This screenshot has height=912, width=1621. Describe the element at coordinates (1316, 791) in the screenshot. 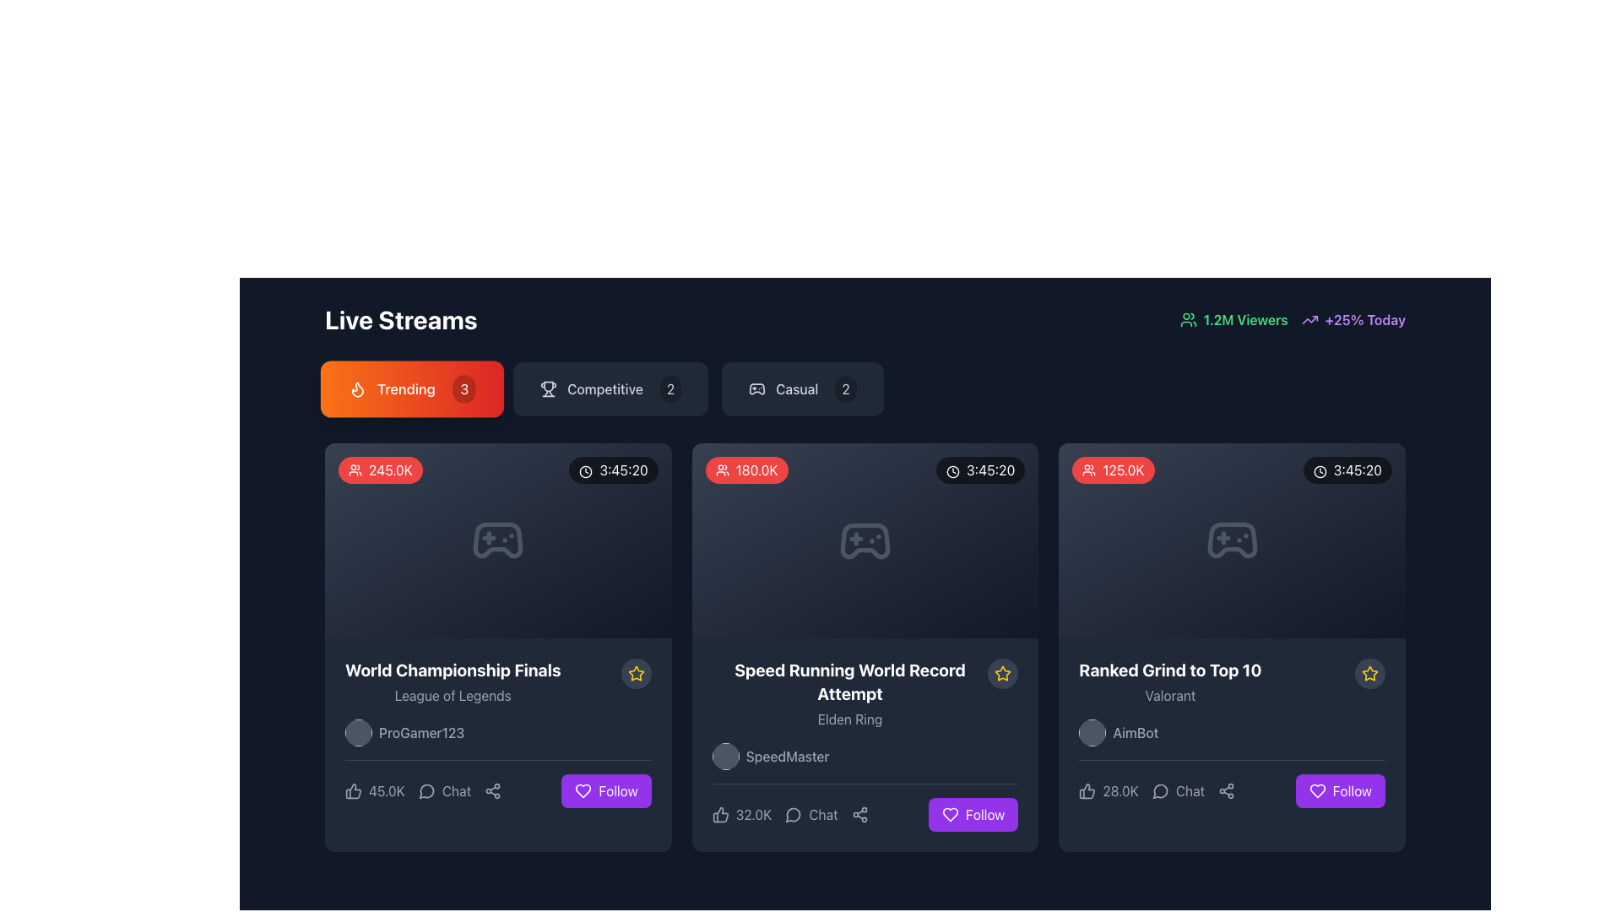

I see `the heart icon inside the purple 'Follow' button located at the bottom-right corner of the 'Ranked Grind to Top 10' card` at that location.